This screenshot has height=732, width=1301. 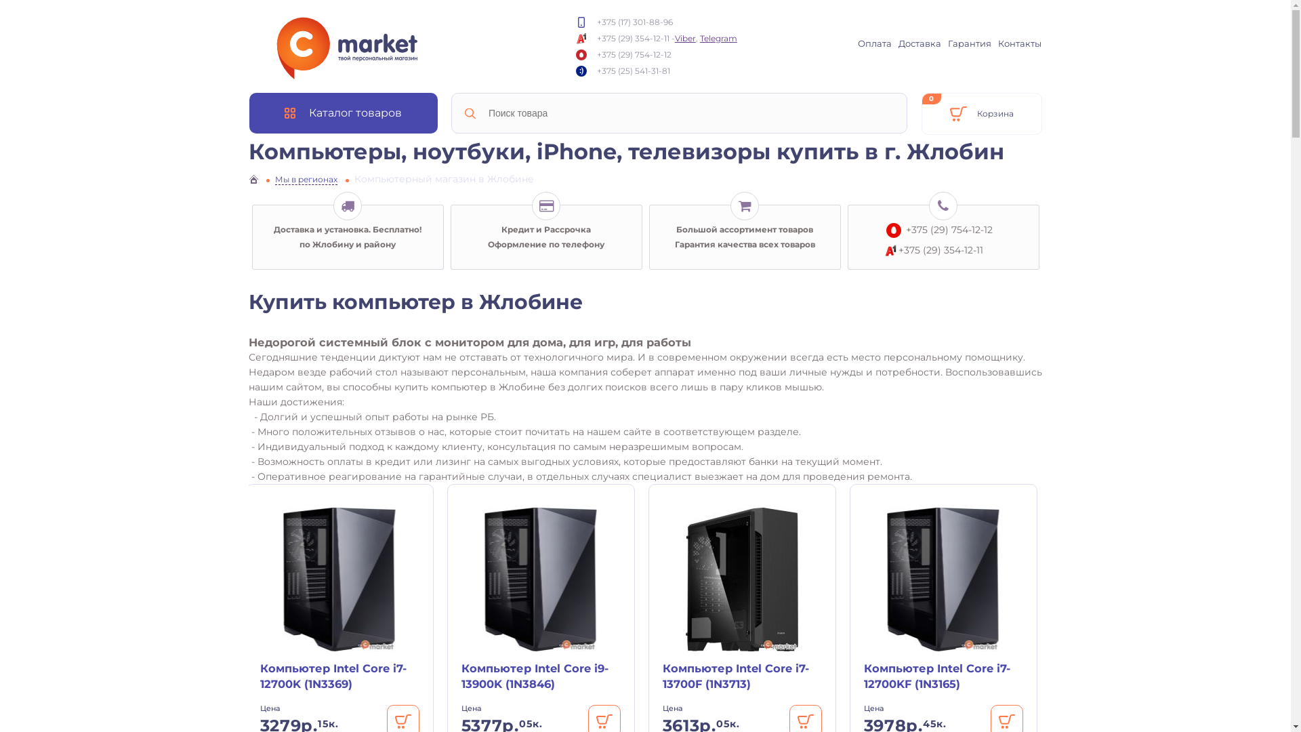 What do you see at coordinates (718, 37) in the screenshot?
I see `'Telegram'` at bounding box center [718, 37].